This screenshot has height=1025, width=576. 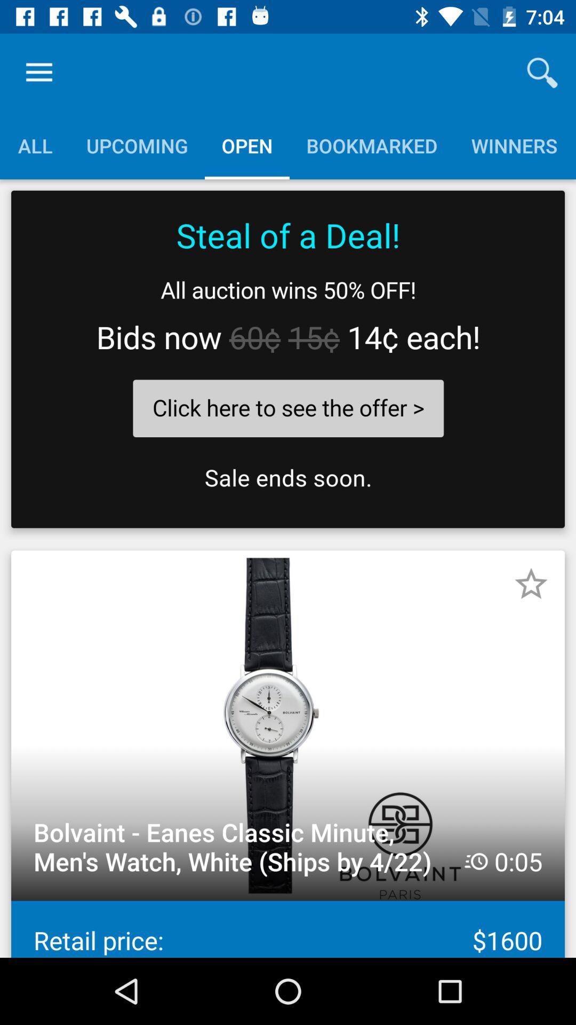 What do you see at coordinates (542, 73) in the screenshot?
I see `the icon search bar` at bounding box center [542, 73].